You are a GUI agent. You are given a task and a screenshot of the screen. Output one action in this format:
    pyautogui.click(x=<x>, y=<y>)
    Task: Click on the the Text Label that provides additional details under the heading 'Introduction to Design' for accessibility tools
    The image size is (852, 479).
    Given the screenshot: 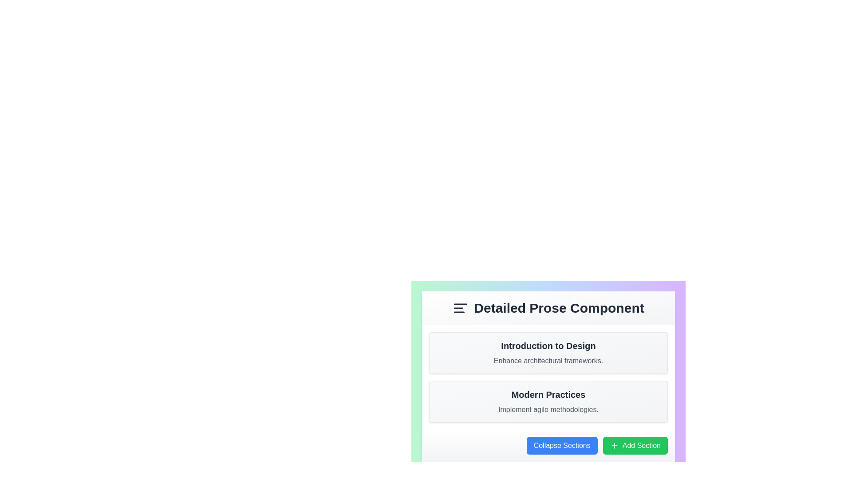 What is the action you would take?
    pyautogui.click(x=548, y=361)
    